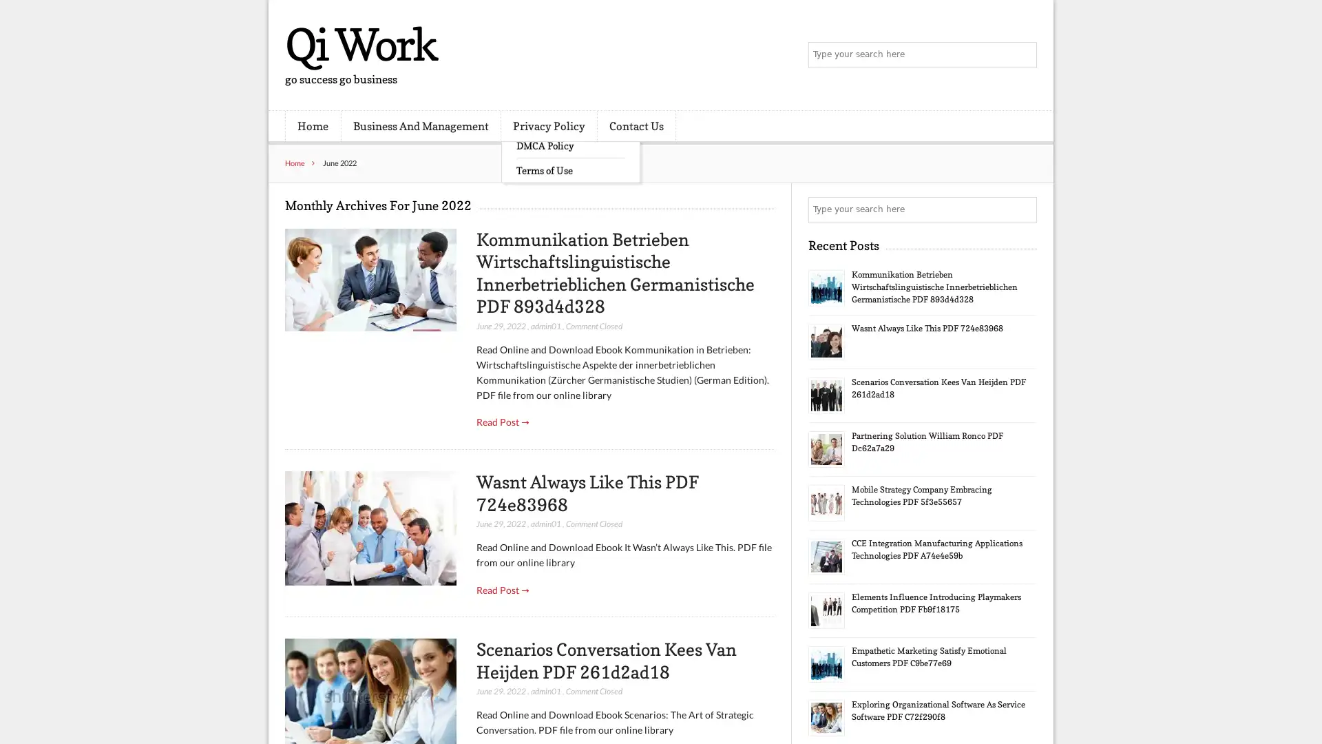 This screenshot has height=744, width=1322. I want to click on Search, so click(1022, 209).